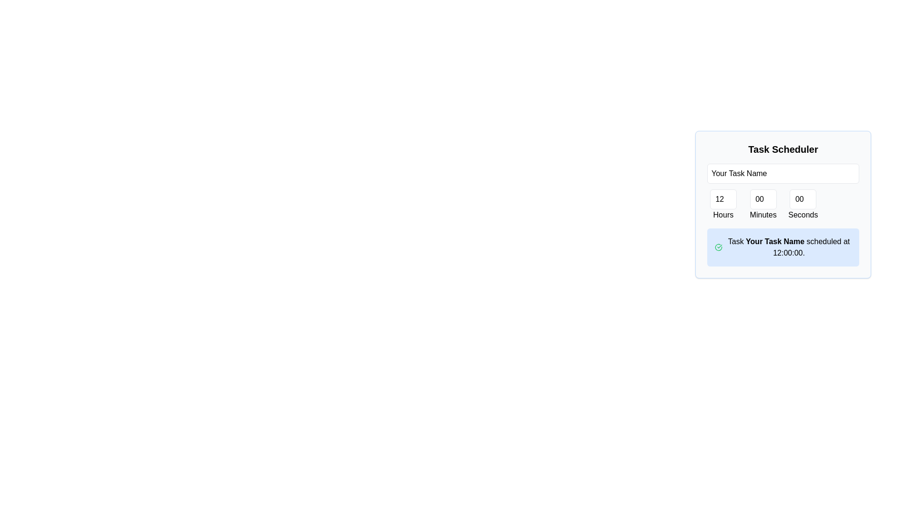  I want to click on the label displaying 'Seconds', which is positioned below the numeric input field showing '00', in the third column of a timer setup grid, so click(803, 205).